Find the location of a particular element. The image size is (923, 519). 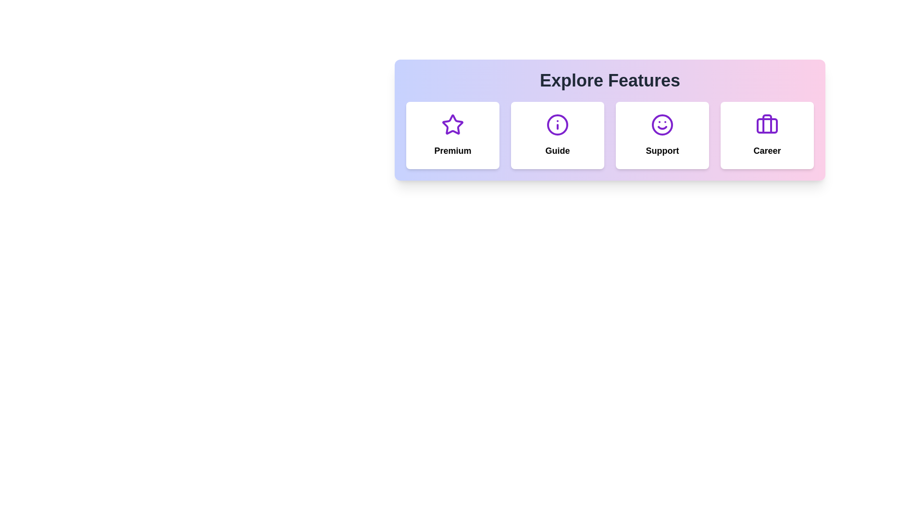

the 'Career' text label located in the rightmost position of the horizontal row of boxes, which is inside a white rectangular box with rounded corners is located at coordinates (767, 150).